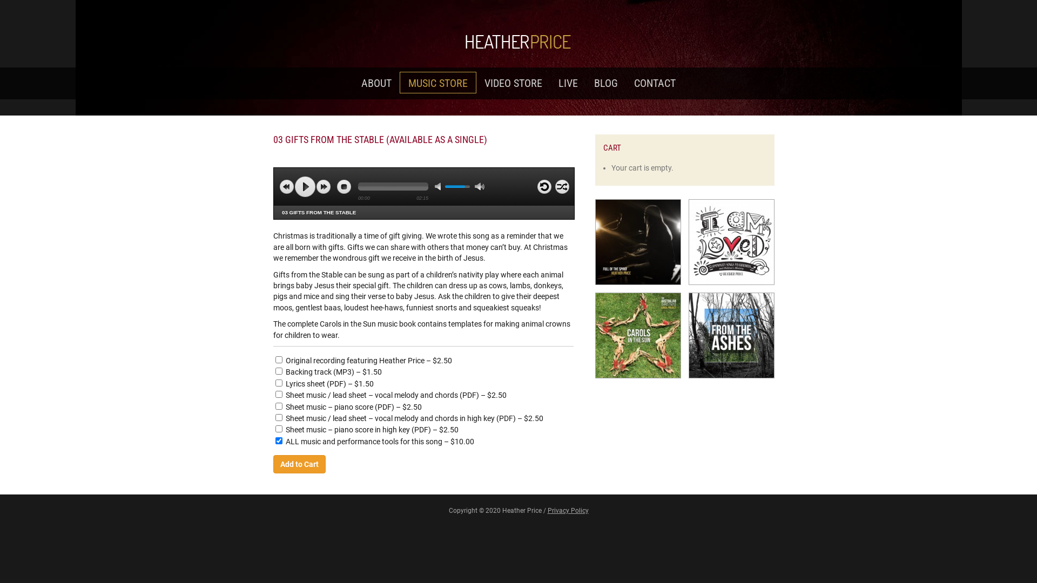  Describe the element at coordinates (438, 82) in the screenshot. I see `'MUSIC STORE'` at that location.